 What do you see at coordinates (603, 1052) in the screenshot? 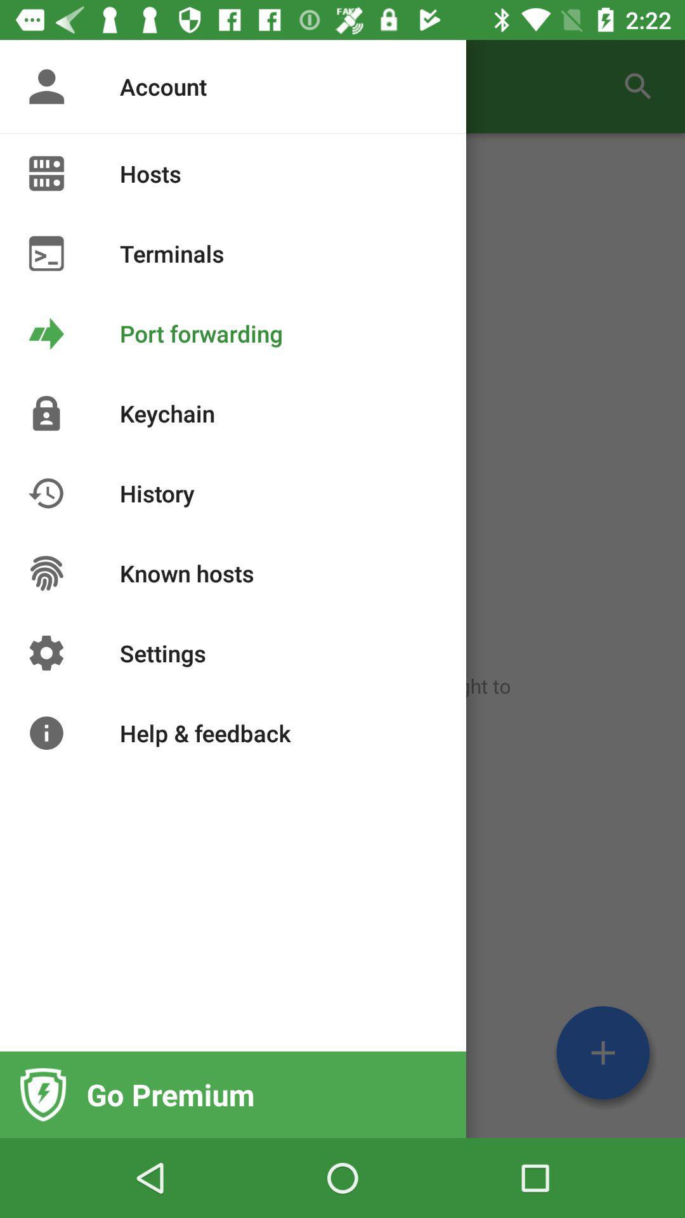
I see `the add icon` at bounding box center [603, 1052].